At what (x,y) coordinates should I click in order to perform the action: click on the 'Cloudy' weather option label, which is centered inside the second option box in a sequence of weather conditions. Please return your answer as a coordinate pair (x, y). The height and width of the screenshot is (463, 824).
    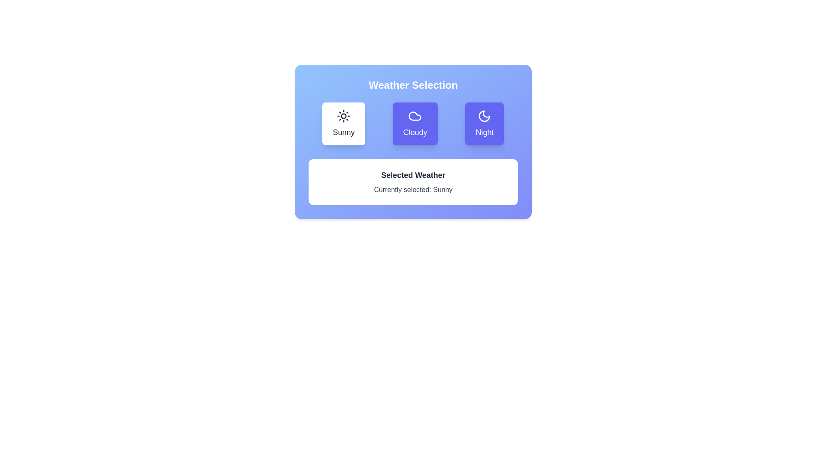
    Looking at the image, I should click on (415, 132).